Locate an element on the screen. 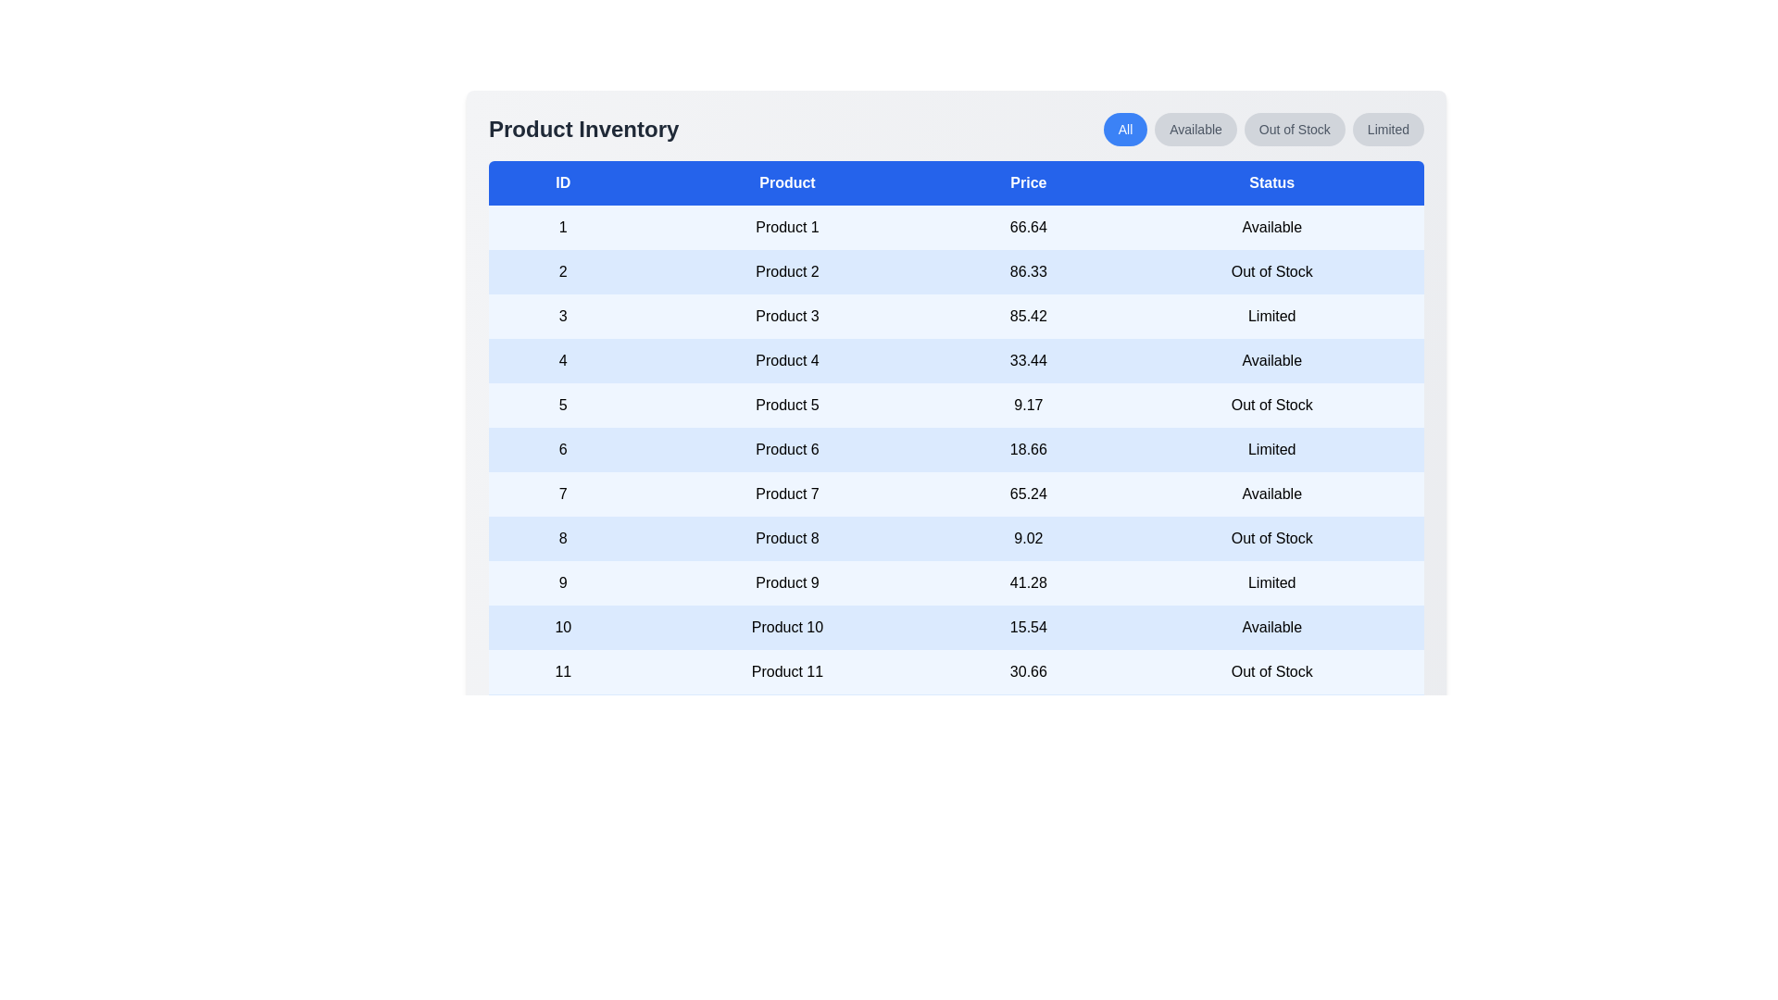 The width and height of the screenshot is (1778, 1000). the filter button labeled 'All' to filter the table is located at coordinates (1123, 128).